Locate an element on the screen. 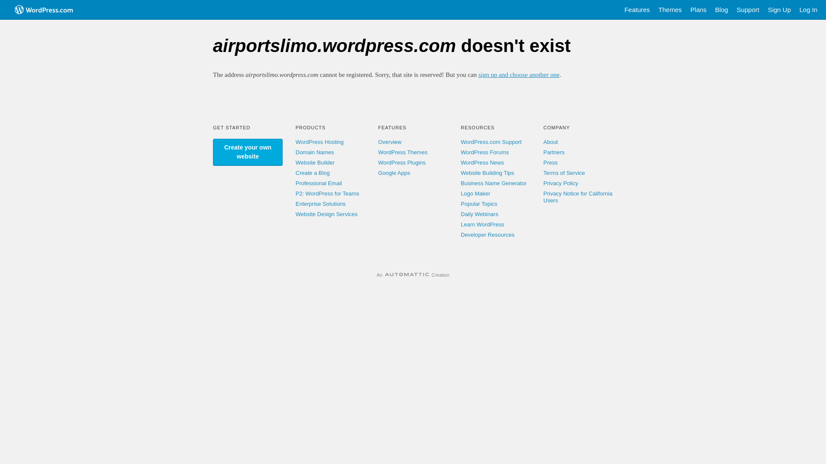 The height and width of the screenshot is (464, 826). 'Partners' is located at coordinates (542, 152).